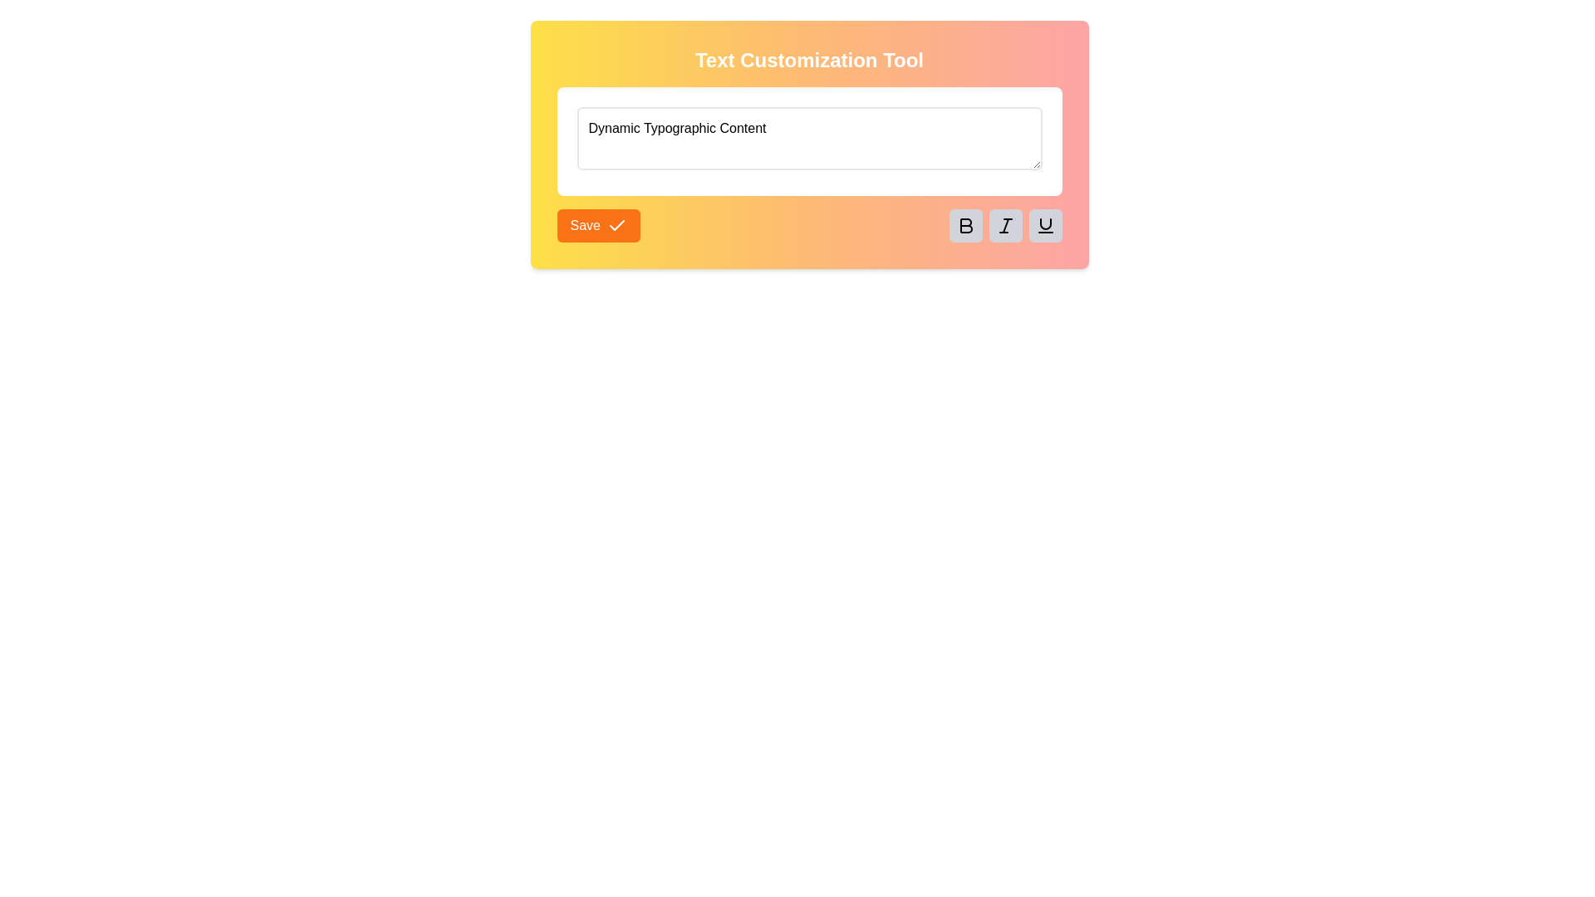 The width and height of the screenshot is (1595, 897). I want to click on the save button located in the bottom-left corner of the Text Customization Tool interface, so click(598, 226).